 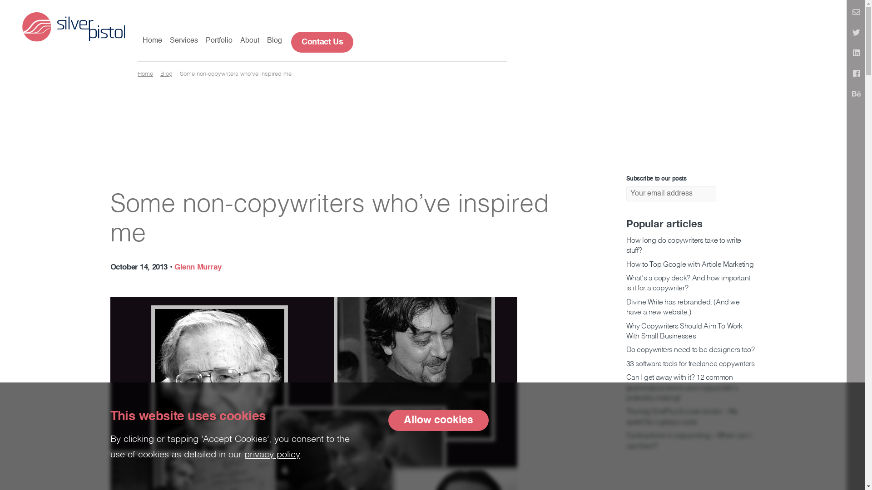 What do you see at coordinates (322, 42) in the screenshot?
I see `'Contact Us'` at bounding box center [322, 42].